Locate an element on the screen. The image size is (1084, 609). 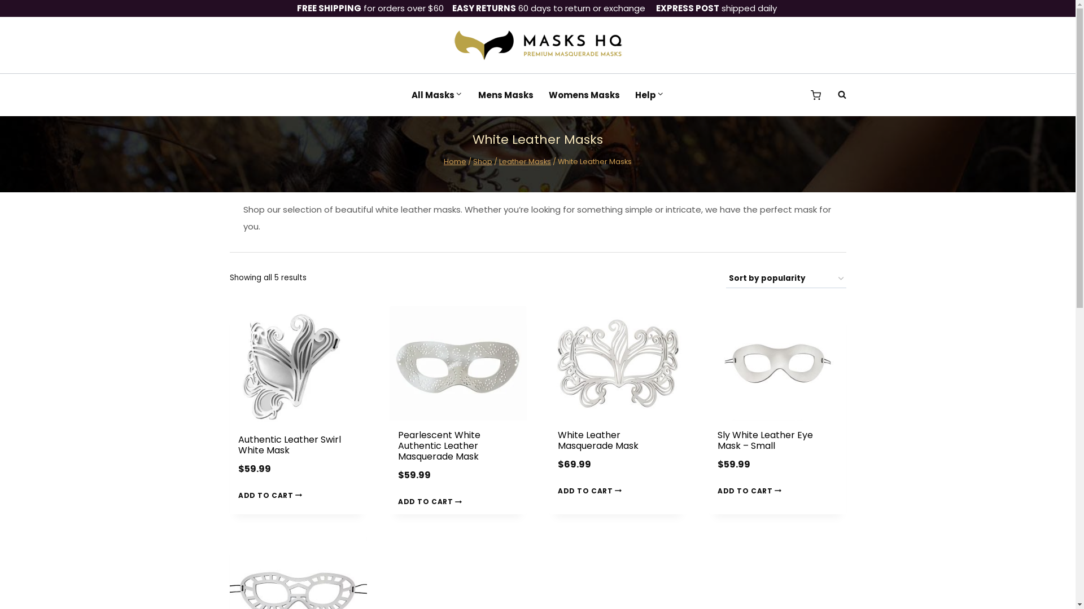
'White Leather Masquerade Mask' is located at coordinates (597, 439).